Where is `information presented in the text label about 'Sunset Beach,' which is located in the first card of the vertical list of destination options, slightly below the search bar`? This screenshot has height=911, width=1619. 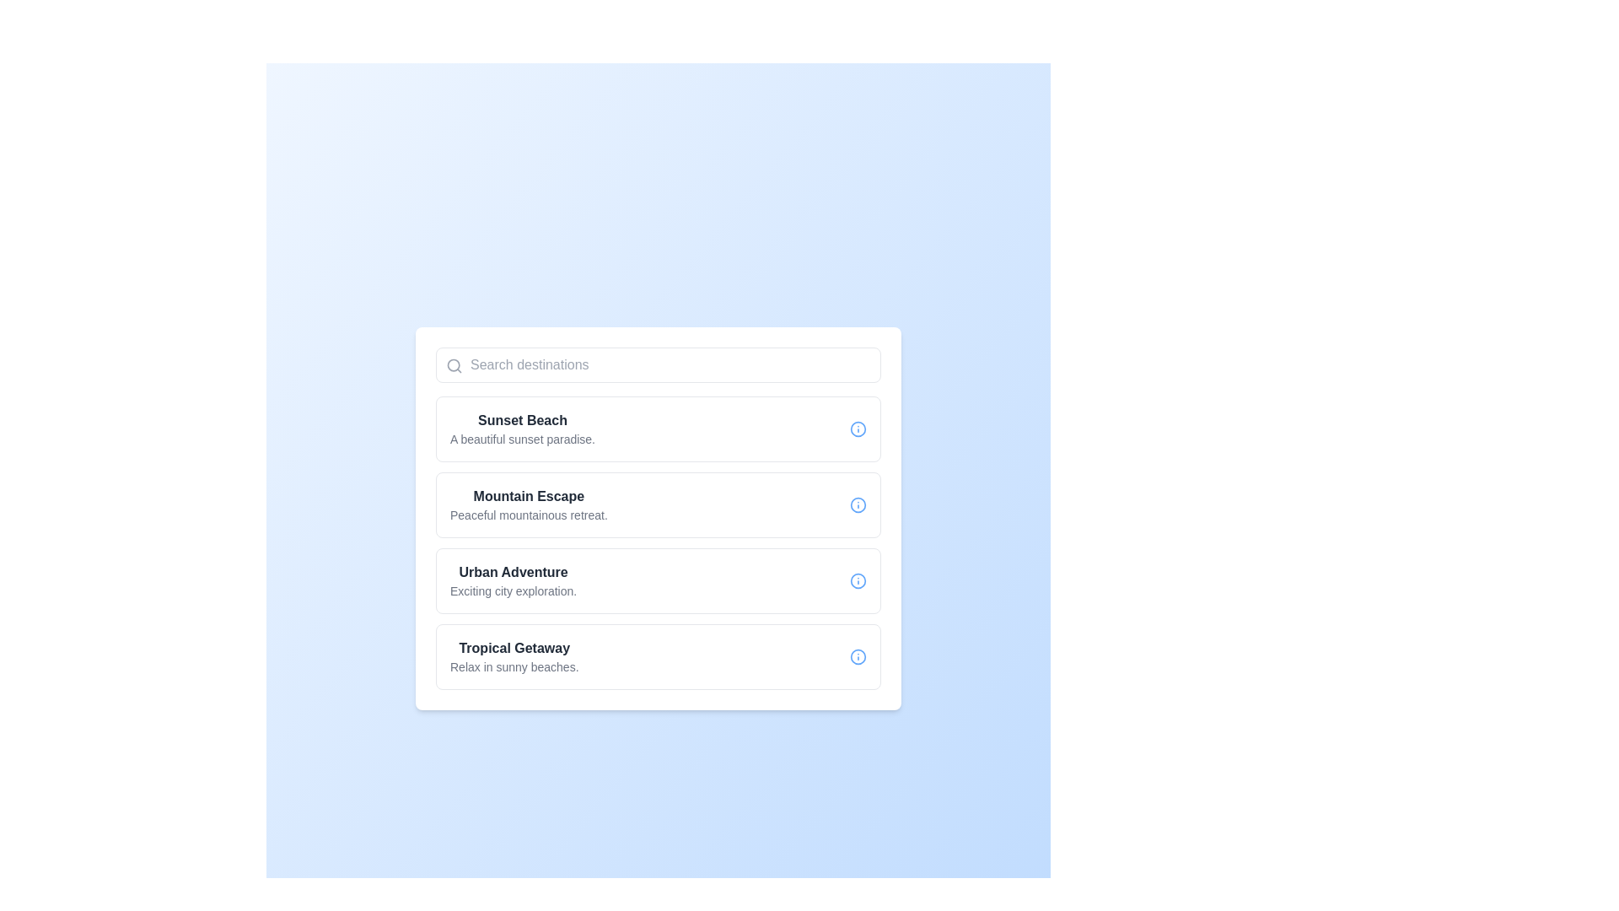
information presented in the text label about 'Sunset Beach,' which is located in the first card of the vertical list of destination options, slightly below the search bar is located at coordinates (521, 429).